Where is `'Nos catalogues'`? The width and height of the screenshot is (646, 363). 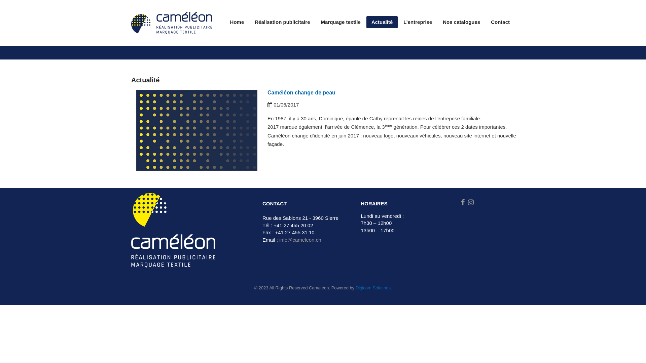
'Nos catalogues' is located at coordinates (461, 22).